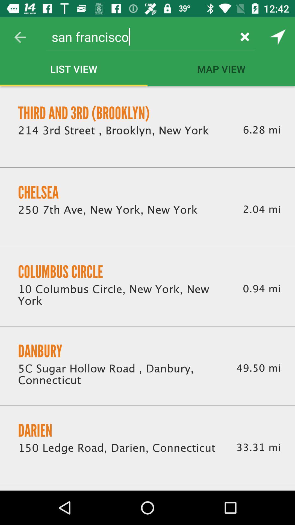 This screenshot has height=525, width=295. I want to click on 5c sugar hollow icon, so click(120, 375).